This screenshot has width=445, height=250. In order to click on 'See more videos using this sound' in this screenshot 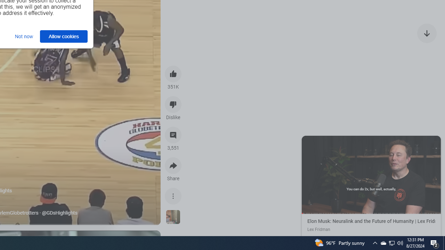, I will do `click(173, 217)`.